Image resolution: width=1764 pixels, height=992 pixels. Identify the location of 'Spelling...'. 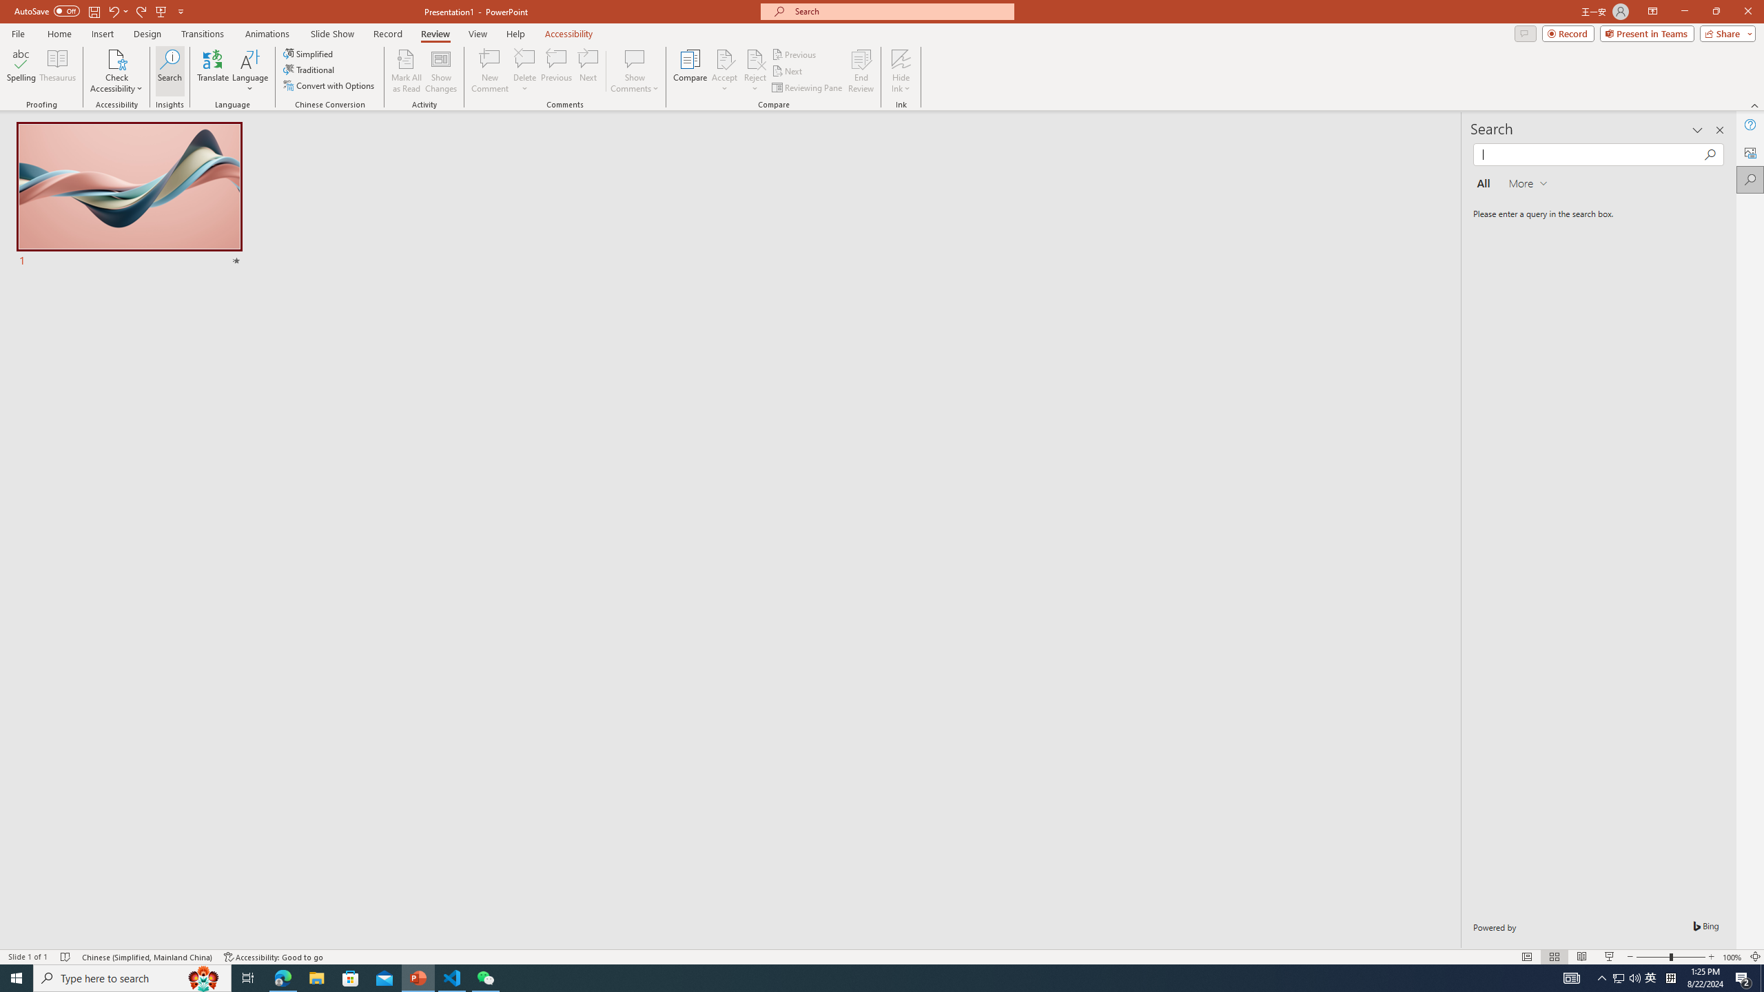
(20, 71).